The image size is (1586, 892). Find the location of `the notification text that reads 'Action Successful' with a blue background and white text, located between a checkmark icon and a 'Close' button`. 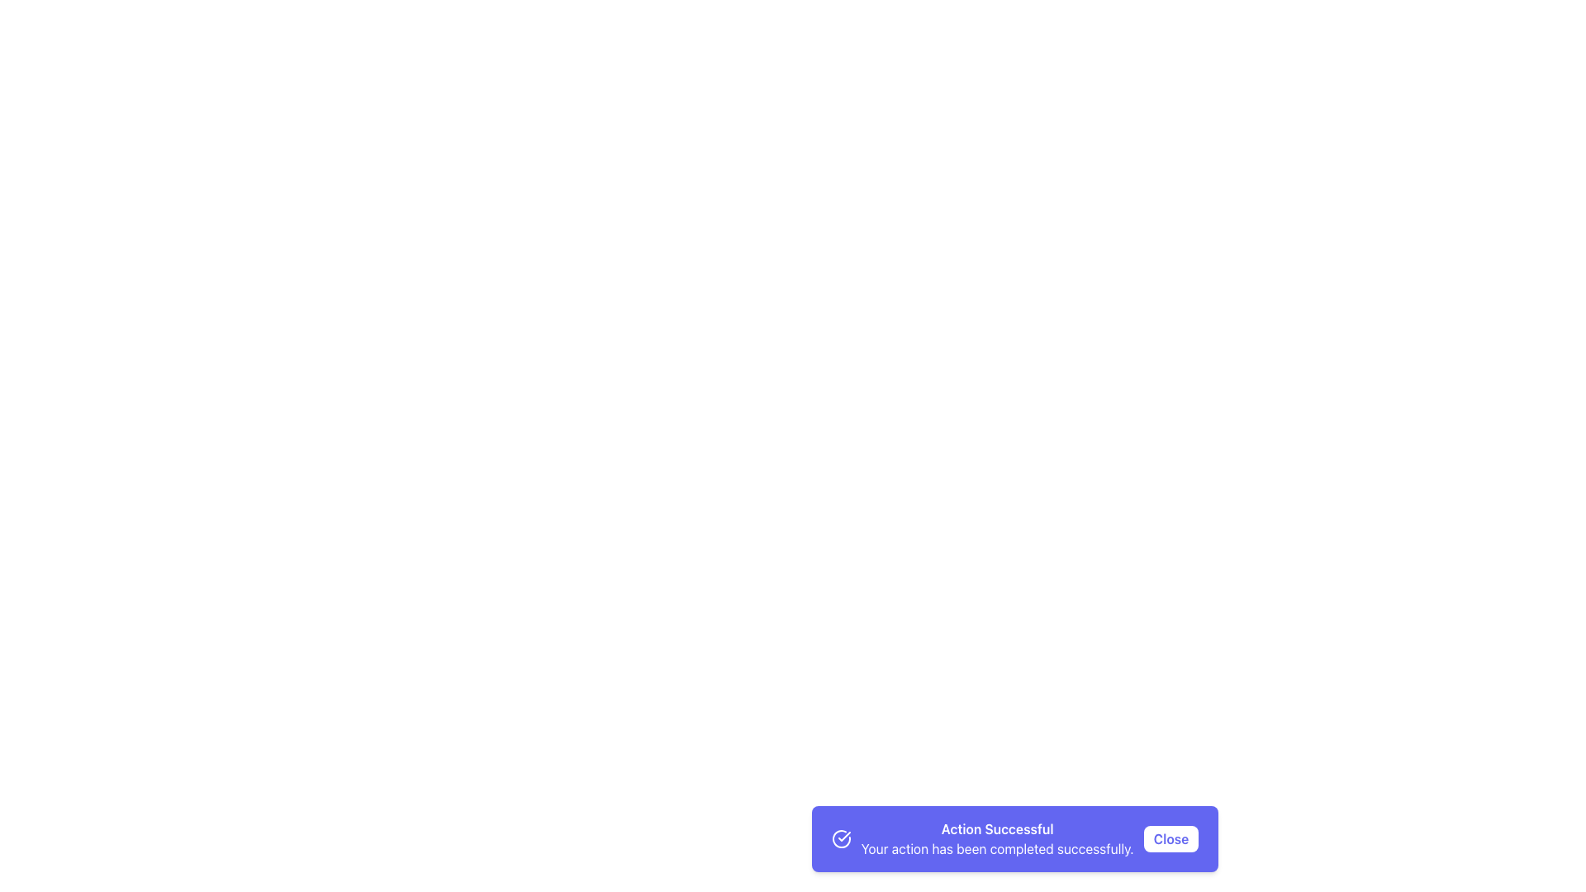

the notification text that reads 'Action Successful' with a blue background and white text, located between a checkmark icon and a 'Close' button is located at coordinates (996, 838).